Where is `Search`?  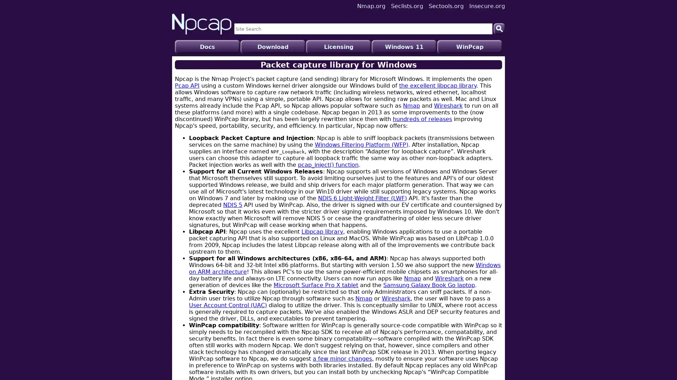
Search is located at coordinates (499, 28).